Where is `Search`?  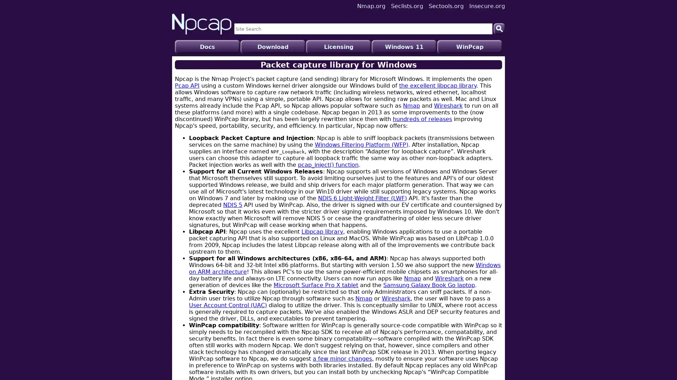
Search is located at coordinates (499, 28).